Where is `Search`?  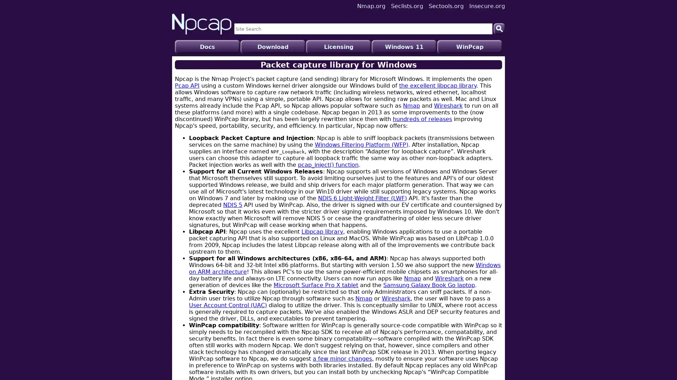
Search is located at coordinates (499, 28).